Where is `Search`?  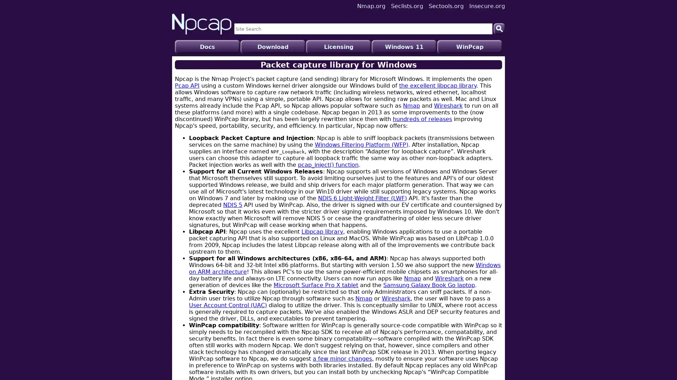
Search is located at coordinates (499, 28).